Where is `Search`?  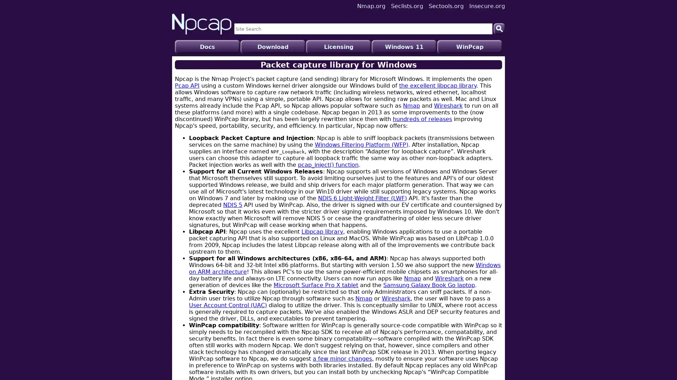
Search is located at coordinates (499, 28).